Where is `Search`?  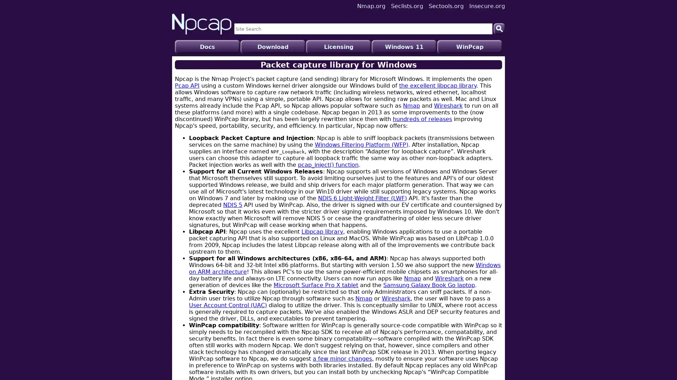
Search is located at coordinates (499, 28).